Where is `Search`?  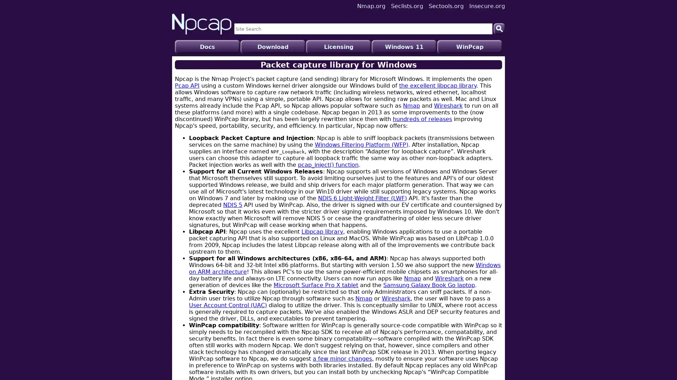
Search is located at coordinates (499, 28).